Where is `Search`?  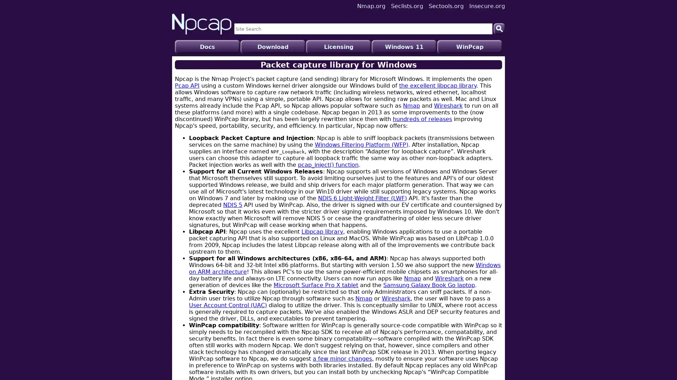
Search is located at coordinates (499, 28).